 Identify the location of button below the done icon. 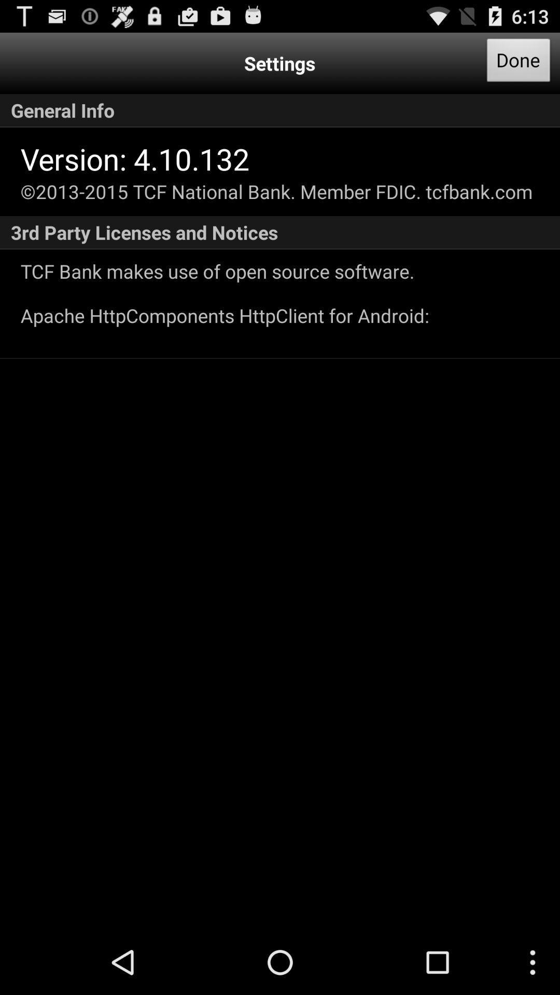
(280, 110).